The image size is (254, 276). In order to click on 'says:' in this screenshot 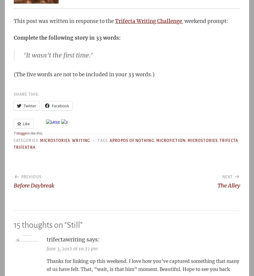, I will do `click(93, 239)`.